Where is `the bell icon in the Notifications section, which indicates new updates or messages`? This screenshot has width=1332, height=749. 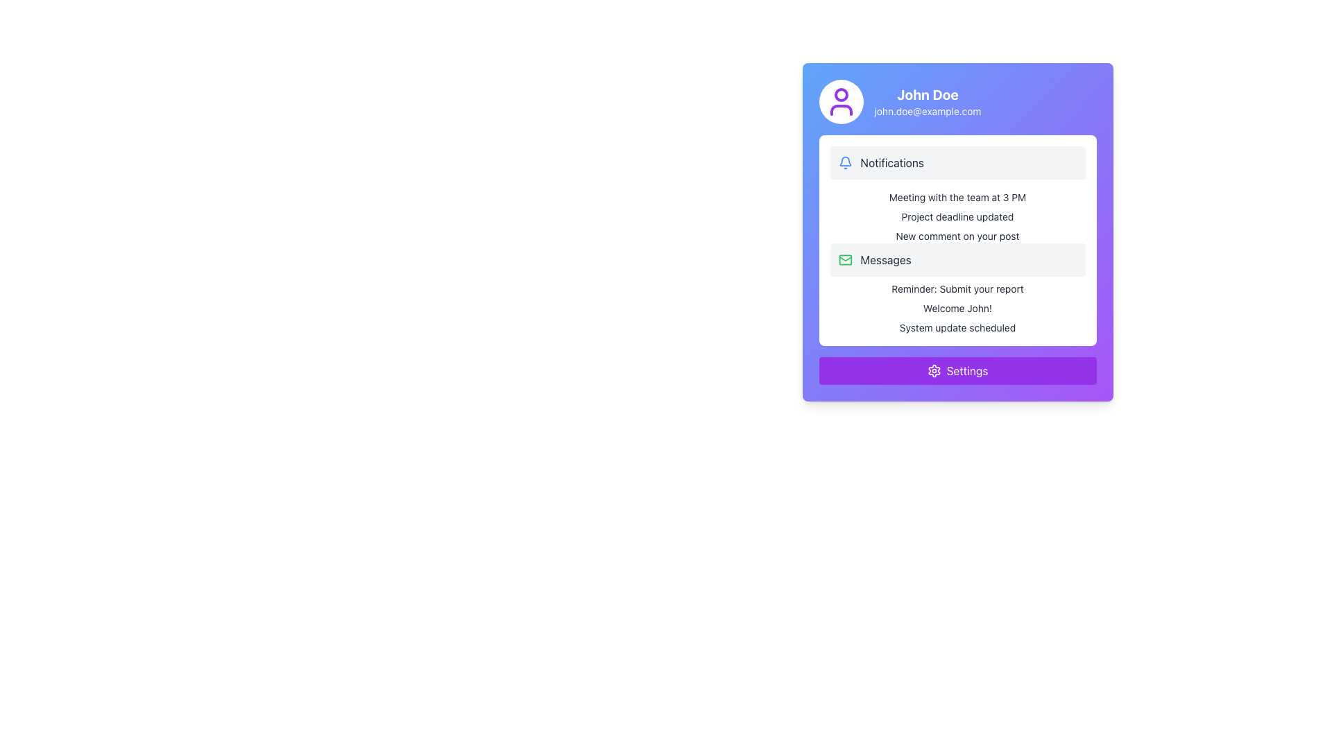 the bell icon in the Notifications section, which indicates new updates or messages is located at coordinates (844, 162).